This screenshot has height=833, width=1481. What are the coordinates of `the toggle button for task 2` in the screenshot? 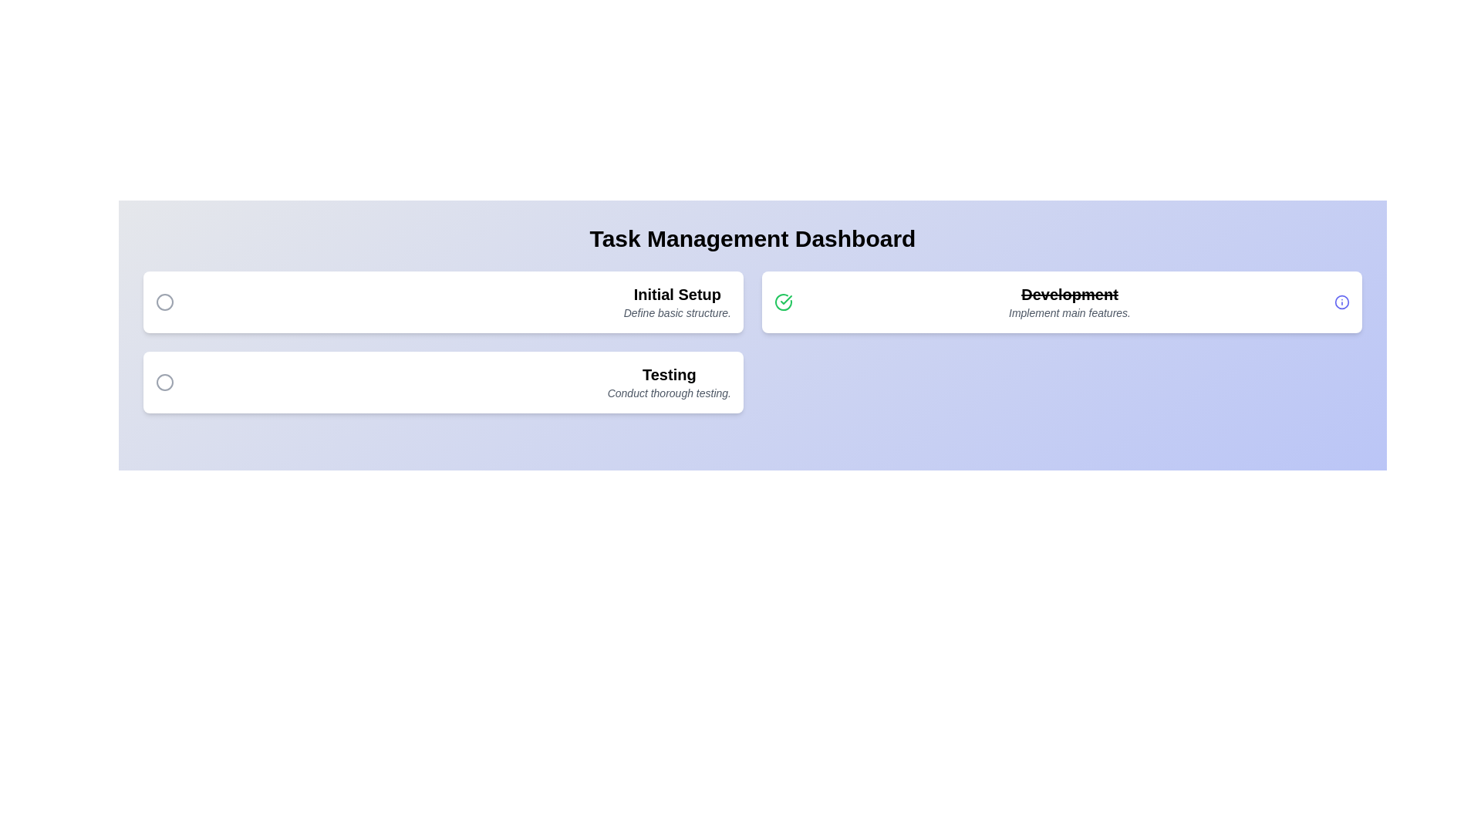 It's located at (784, 302).